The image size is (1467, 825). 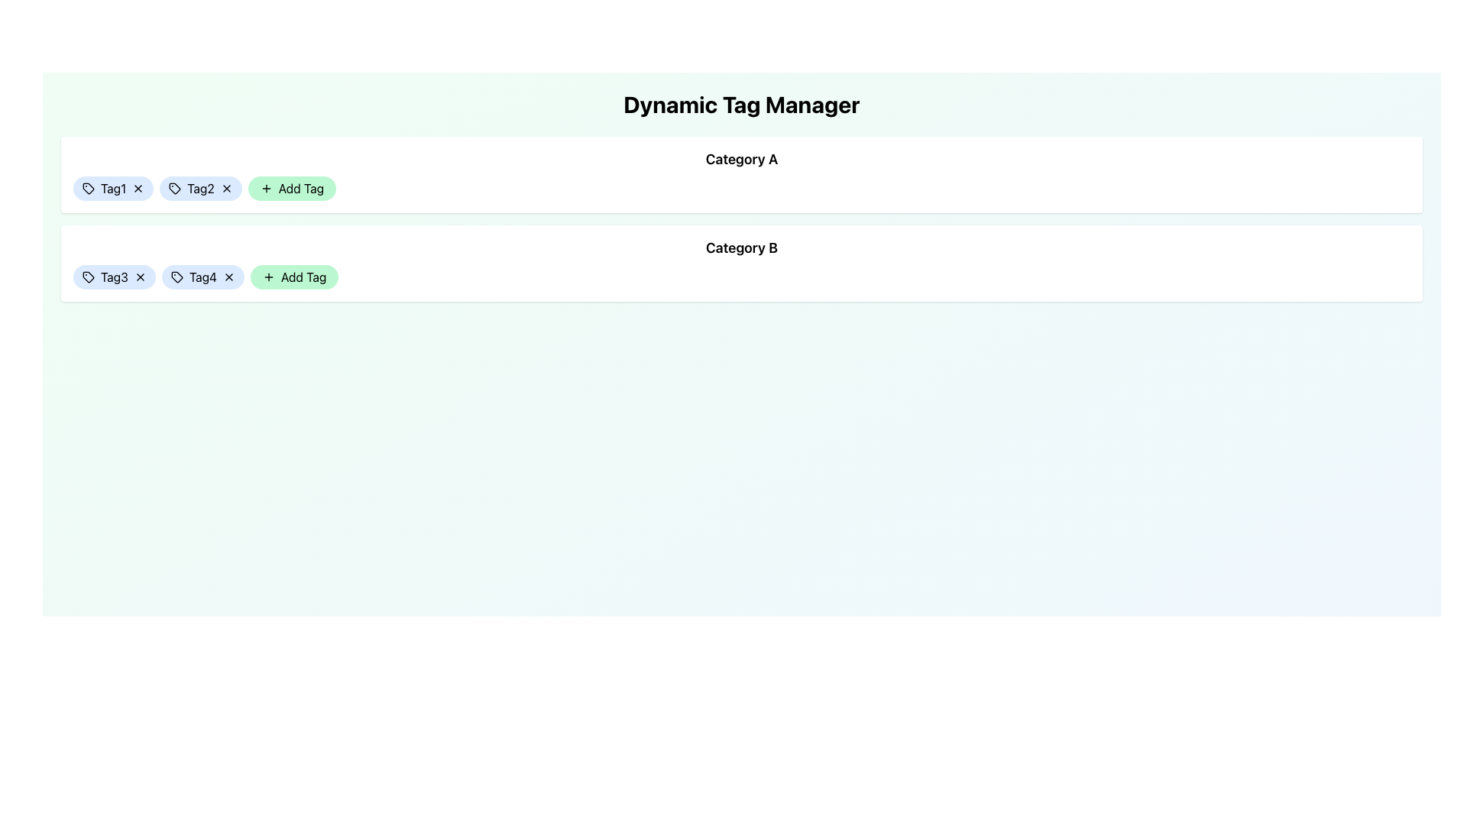 What do you see at coordinates (294, 277) in the screenshot?
I see `the button that allows the user to add a new tag to the 'Category B' section` at bounding box center [294, 277].